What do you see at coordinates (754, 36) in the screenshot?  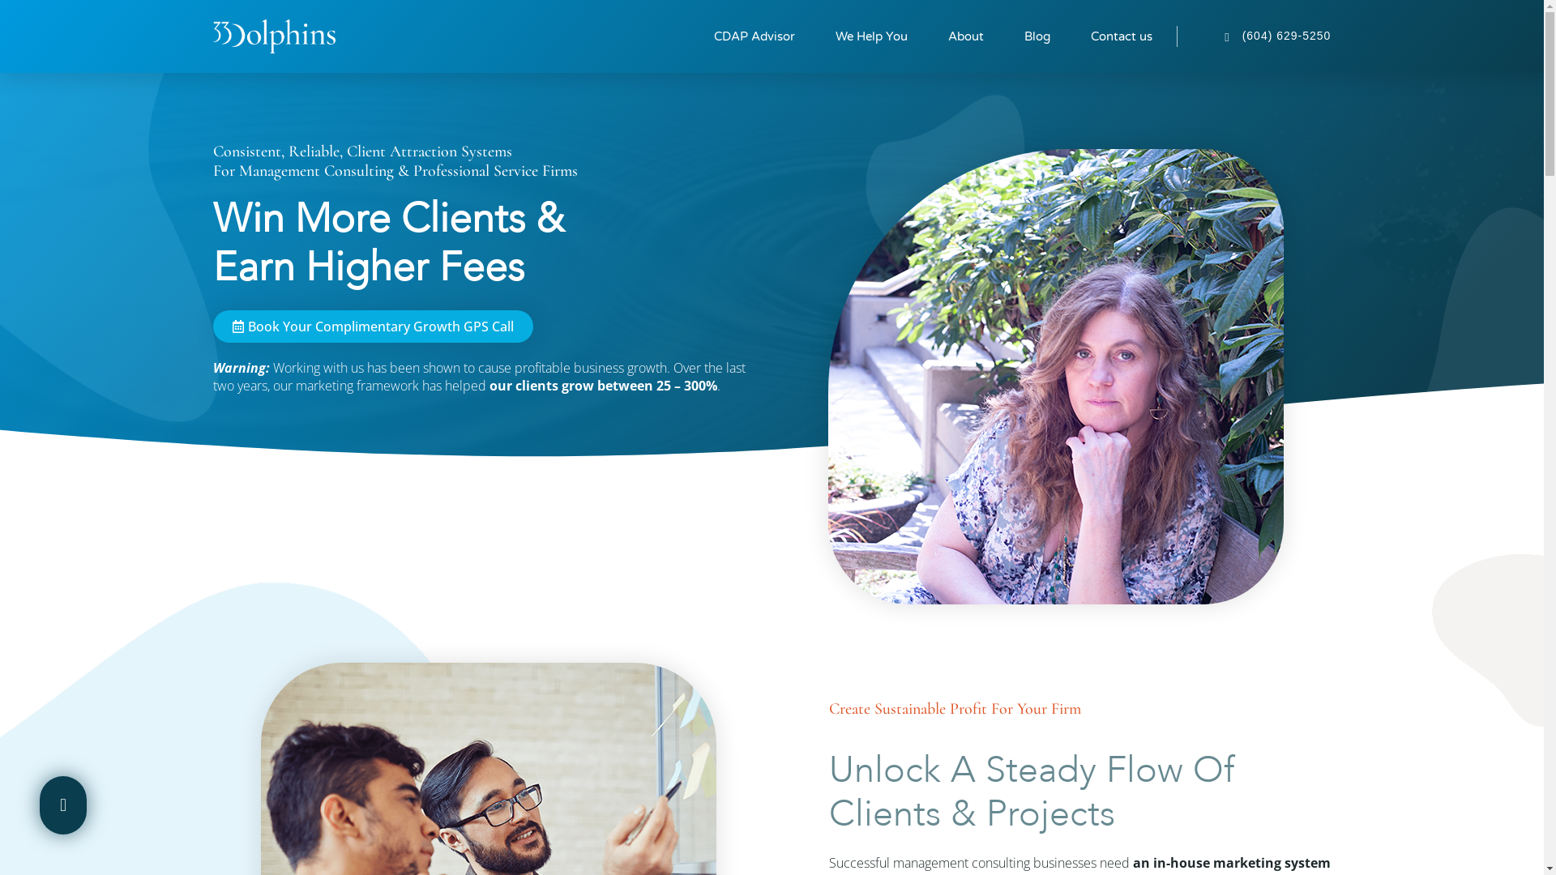 I see `'CDAP Advisor'` at bounding box center [754, 36].